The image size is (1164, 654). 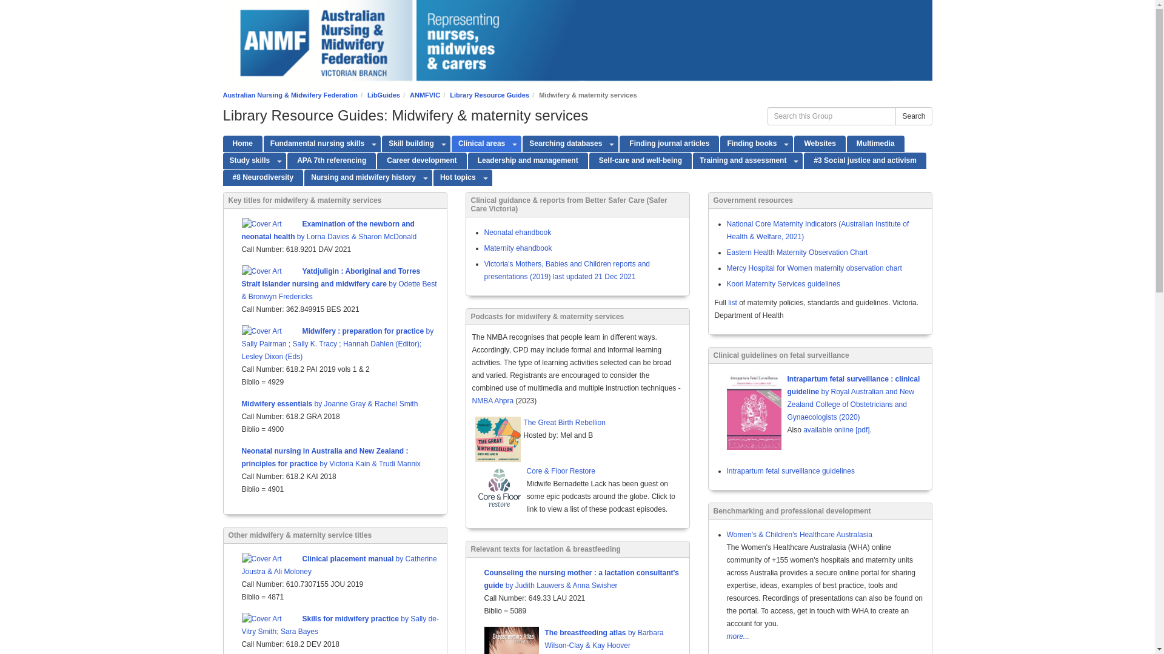 I want to click on 'Finding books', so click(x=749, y=143).